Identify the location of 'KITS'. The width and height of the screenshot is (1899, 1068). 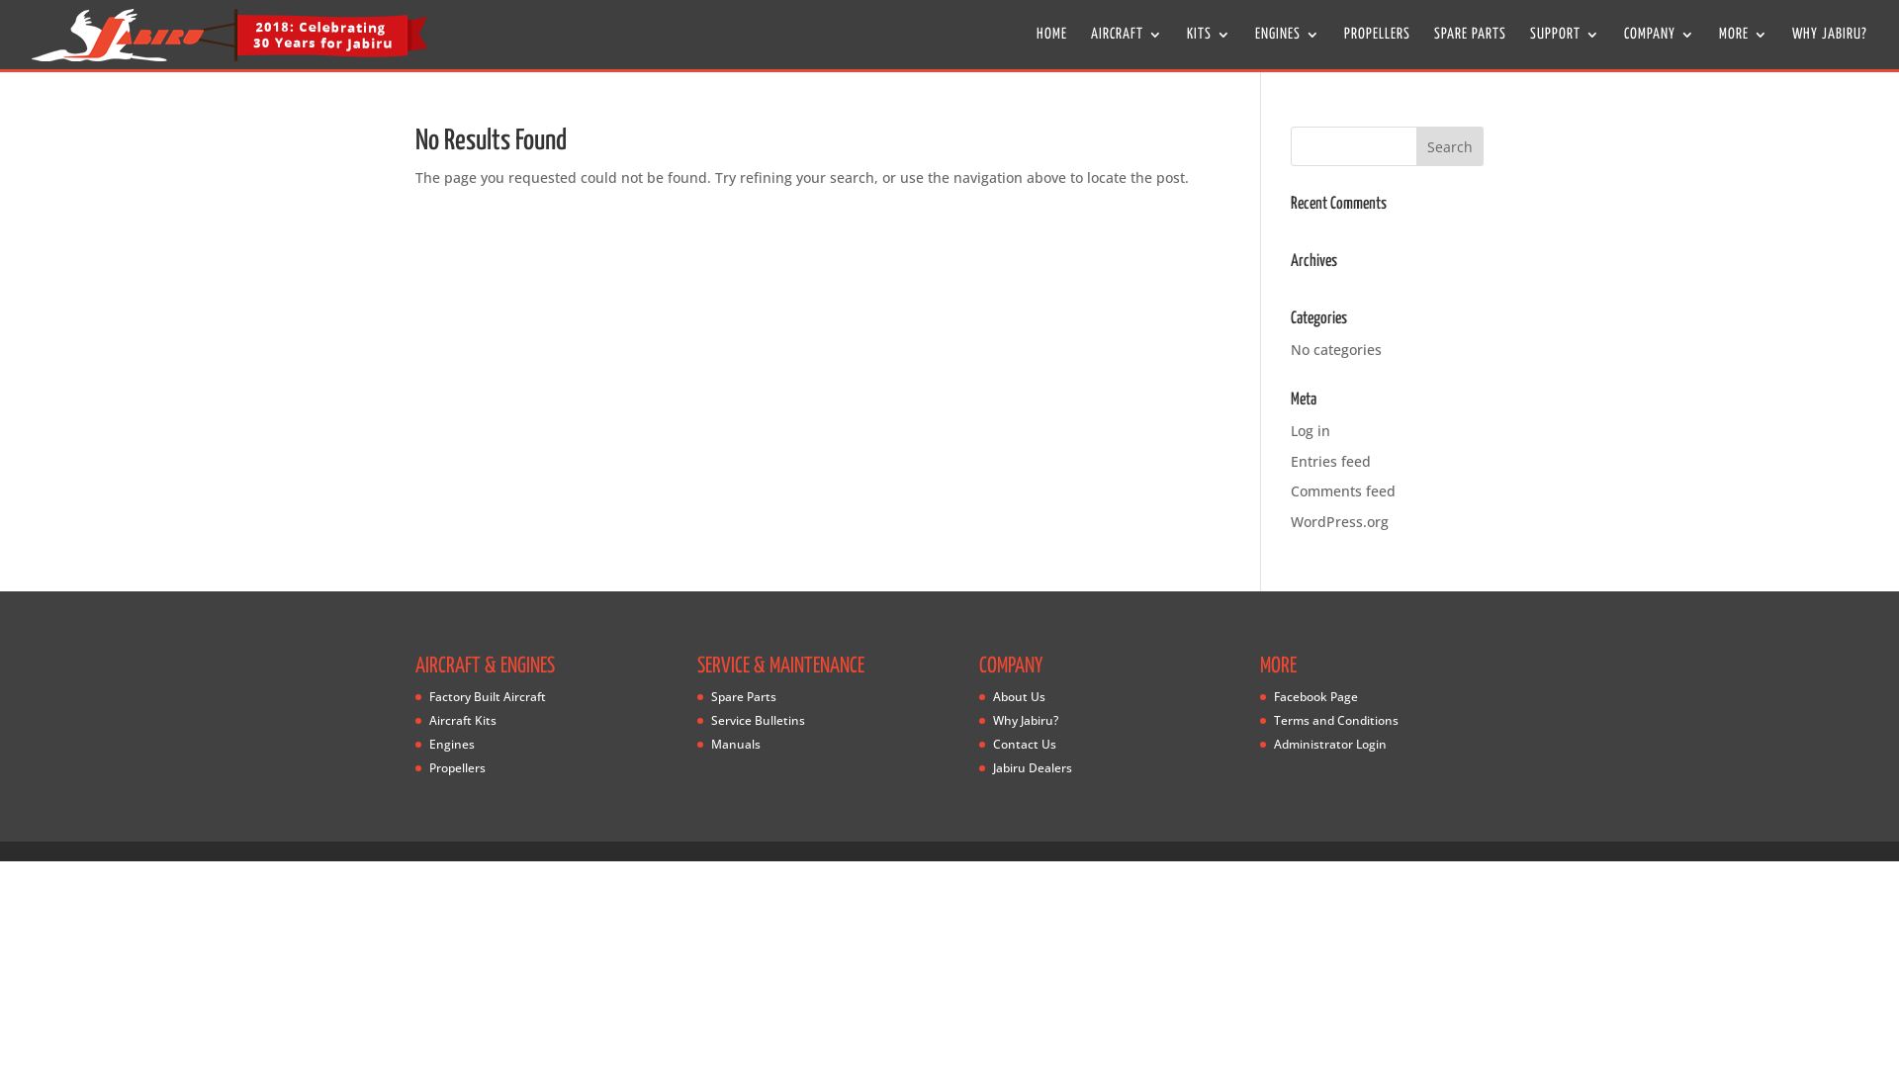
(1208, 47).